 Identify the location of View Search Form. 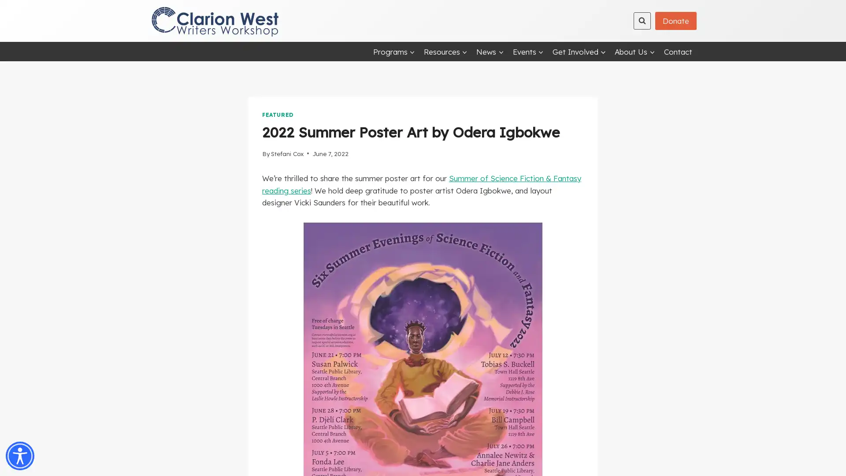
(642, 20).